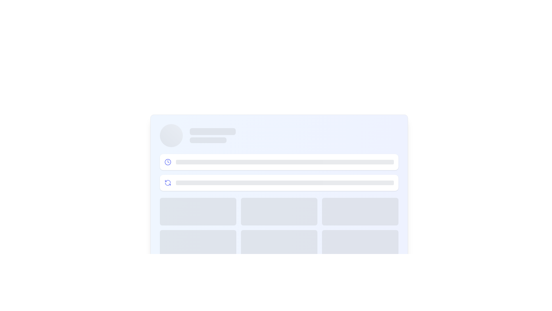 The height and width of the screenshot is (311, 552). Describe the element at coordinates (360, 244) in the screenshot. I see `the Placeholder block with loading animation, which is a rectangular area with rounded corners and a gray background located in the bottom-right of a 3x2 grid layout` at that location.